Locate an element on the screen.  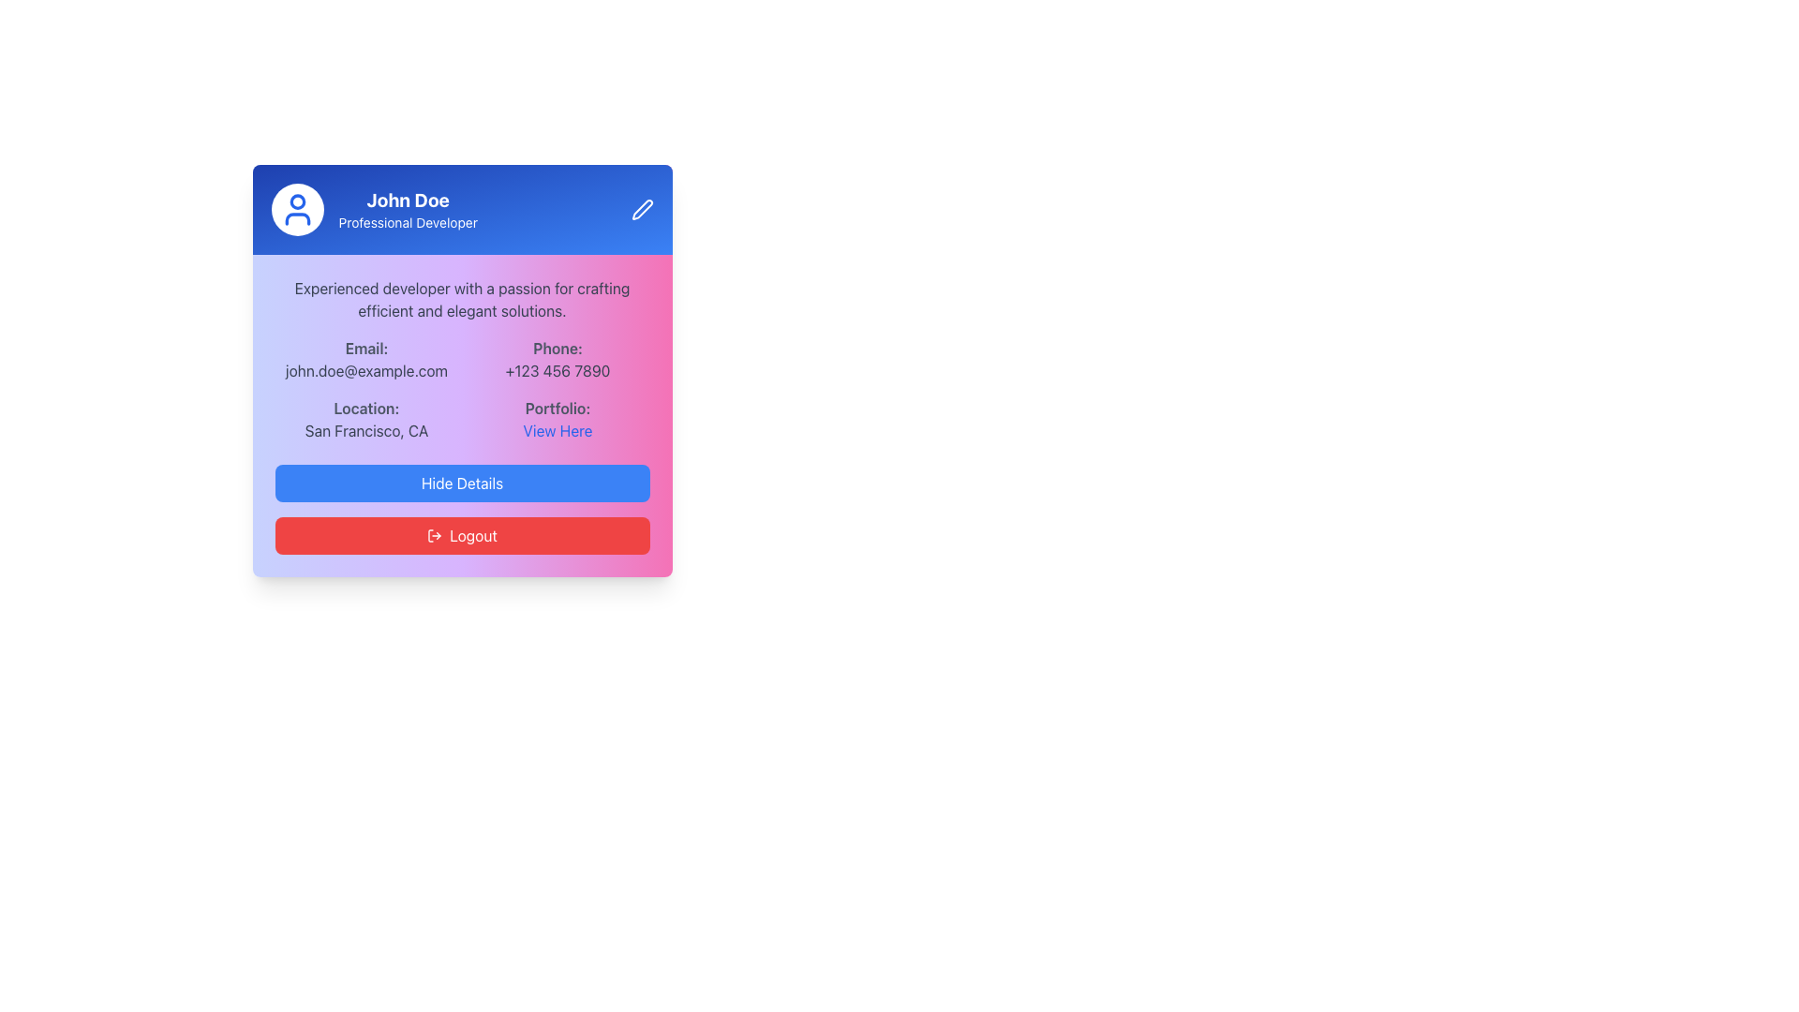
the 'View Here' hyperlink under the 'Portfolio:' label is located at coordinates (557, 418).